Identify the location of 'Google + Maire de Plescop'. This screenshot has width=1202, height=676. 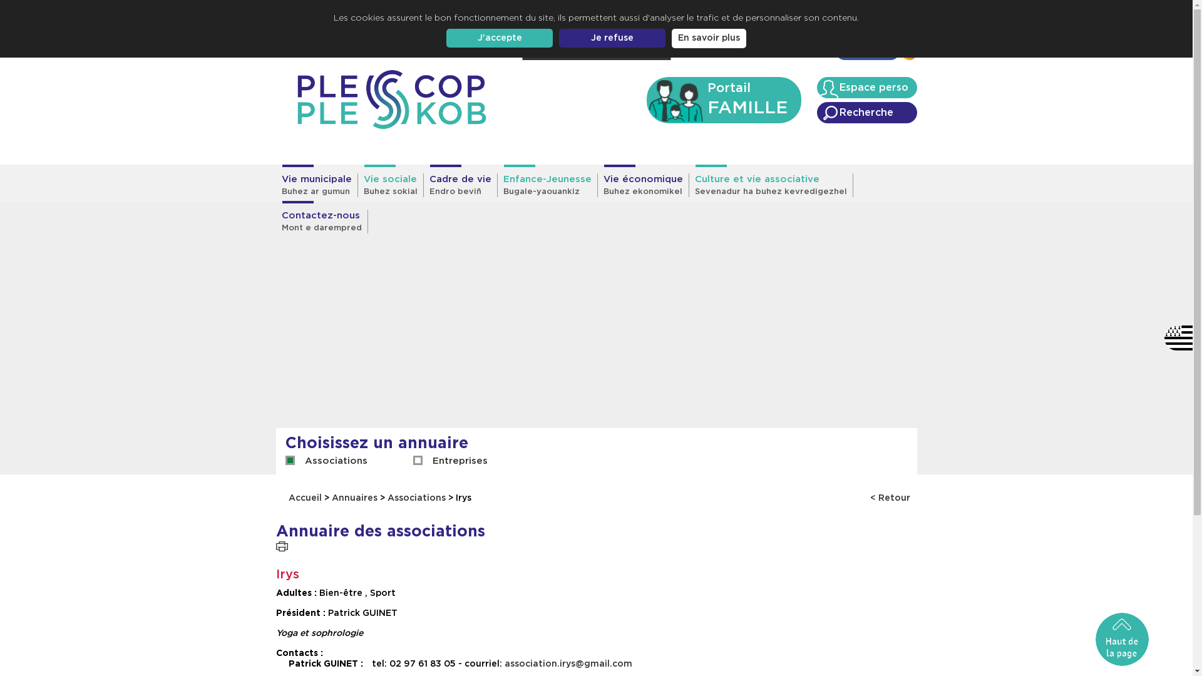
(832, 54).